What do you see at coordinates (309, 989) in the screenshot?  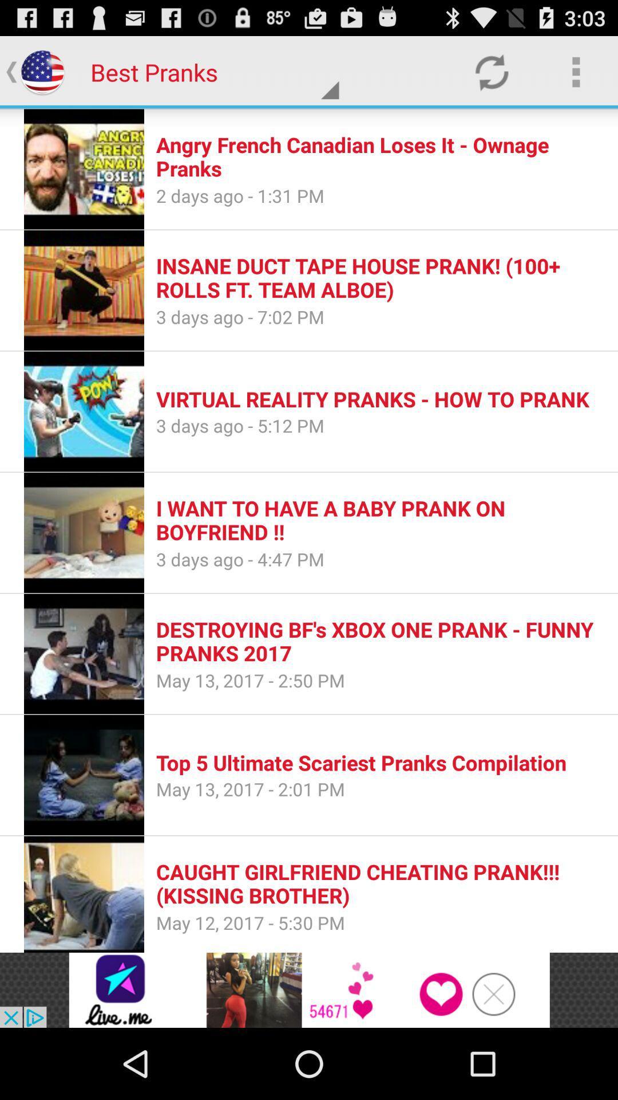 I see `advertisement from outside source` at bounding box center [309, 989].